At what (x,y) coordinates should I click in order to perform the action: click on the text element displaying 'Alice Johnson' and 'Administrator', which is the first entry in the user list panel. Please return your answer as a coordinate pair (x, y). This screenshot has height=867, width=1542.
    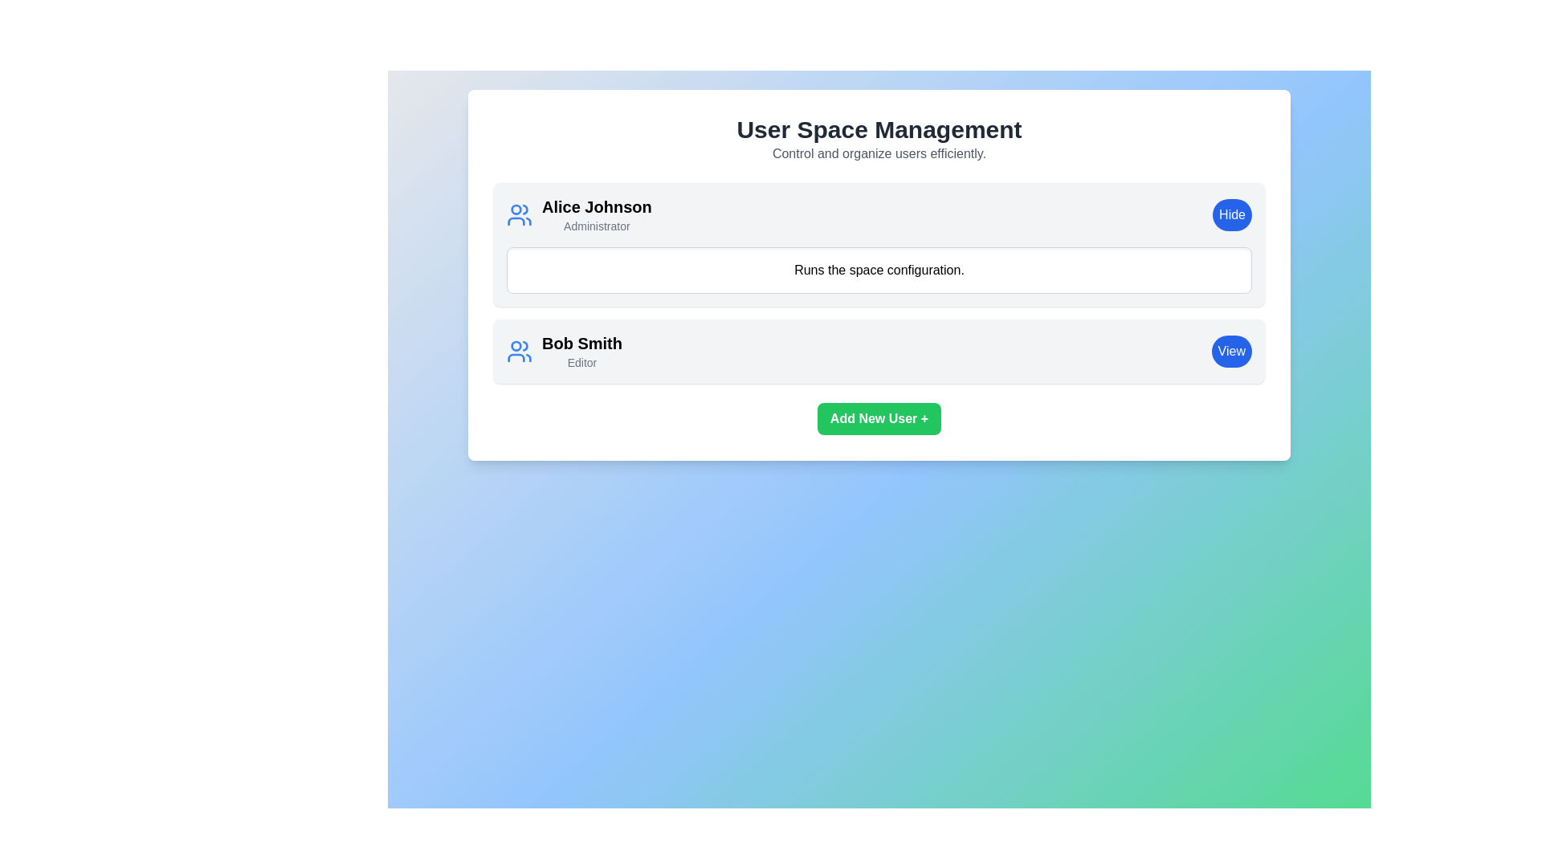
    Looking at the image, I should click on (596, 214).